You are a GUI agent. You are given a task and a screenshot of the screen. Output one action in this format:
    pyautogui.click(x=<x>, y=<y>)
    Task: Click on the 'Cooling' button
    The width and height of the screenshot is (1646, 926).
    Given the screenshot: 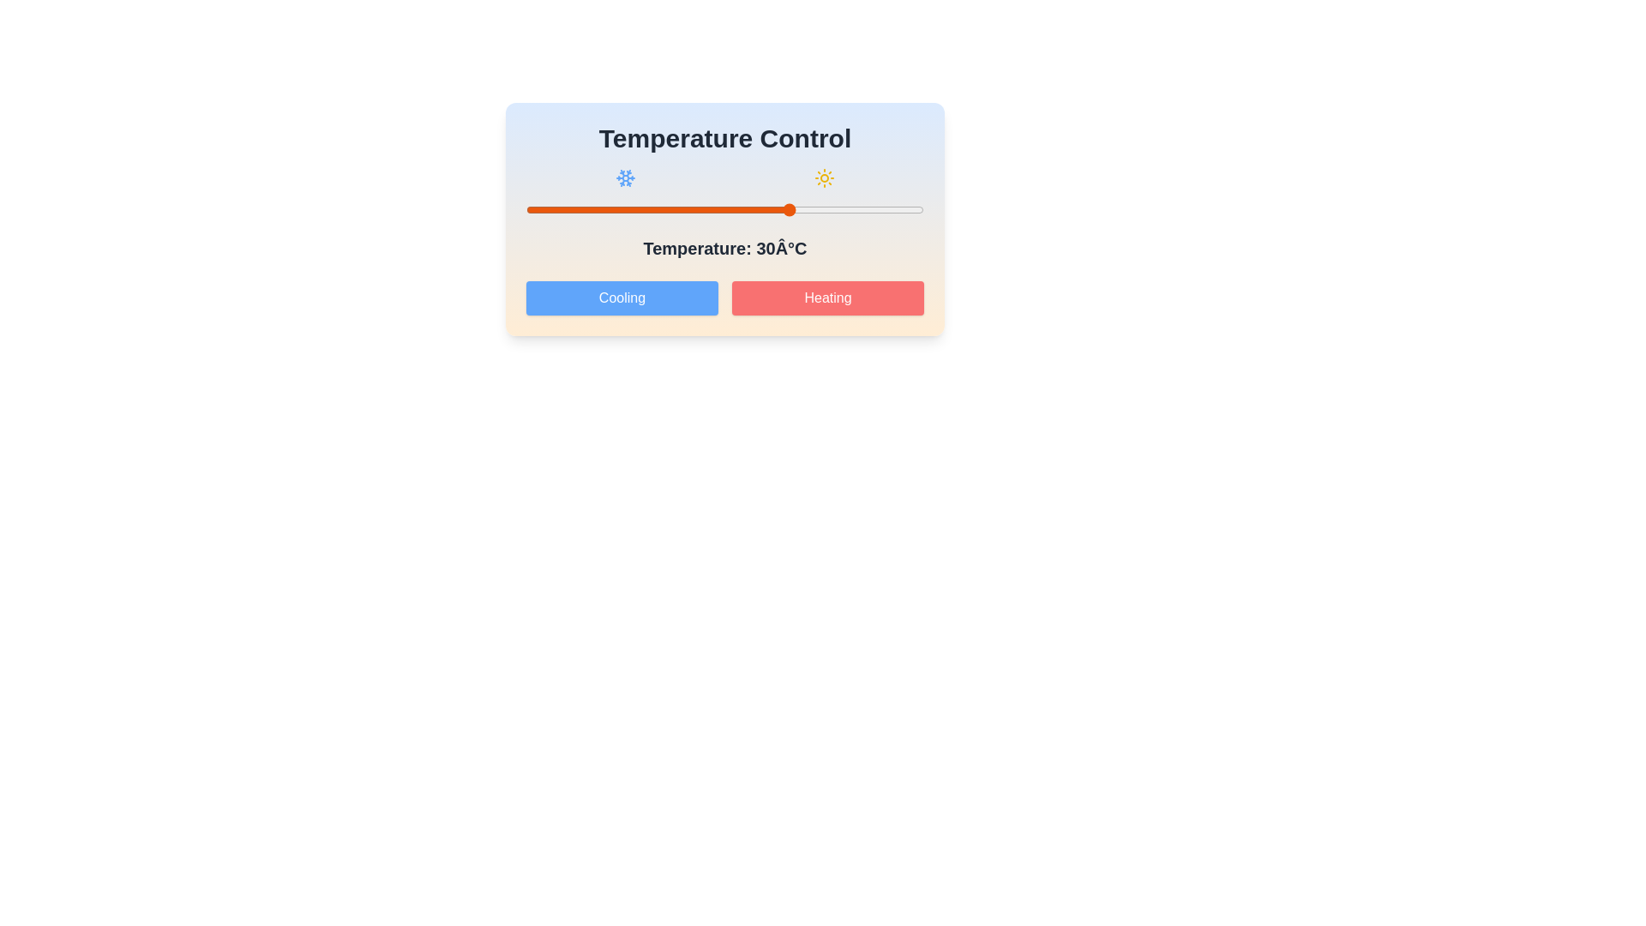 What is the action you would take?
    pyautogui.click(x=621, y=297)
    